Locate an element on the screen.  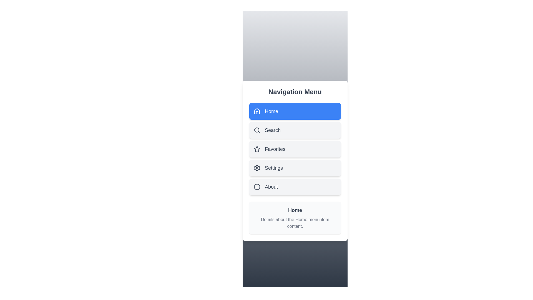
the menu item Favorites is located at coordinates (295, 149).